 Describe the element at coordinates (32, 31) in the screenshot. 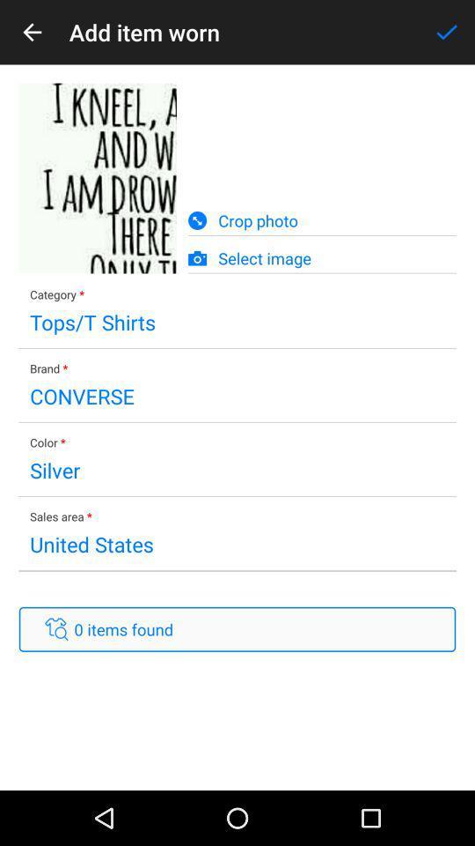

I see `item to the left of add item worn icon` at that location.